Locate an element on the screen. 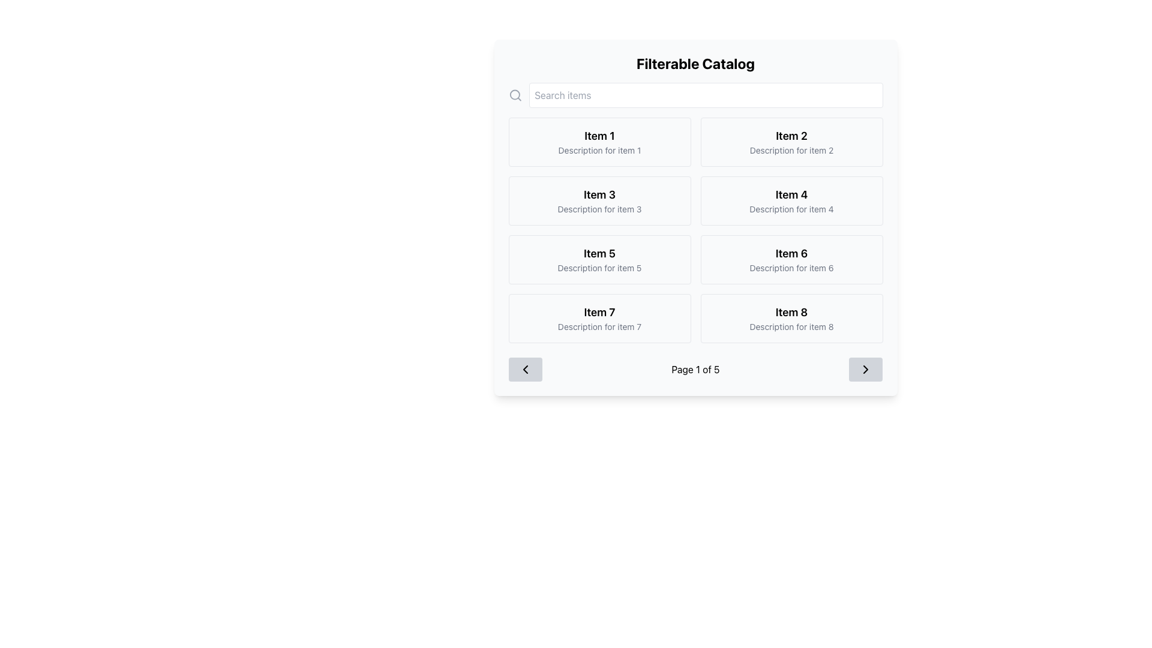  the descriptive text label located below the 'Item 8' title in the 'Item 8' card, which is styled with a smaller gray font and centrally aligned is located at coordinates (791, 326).